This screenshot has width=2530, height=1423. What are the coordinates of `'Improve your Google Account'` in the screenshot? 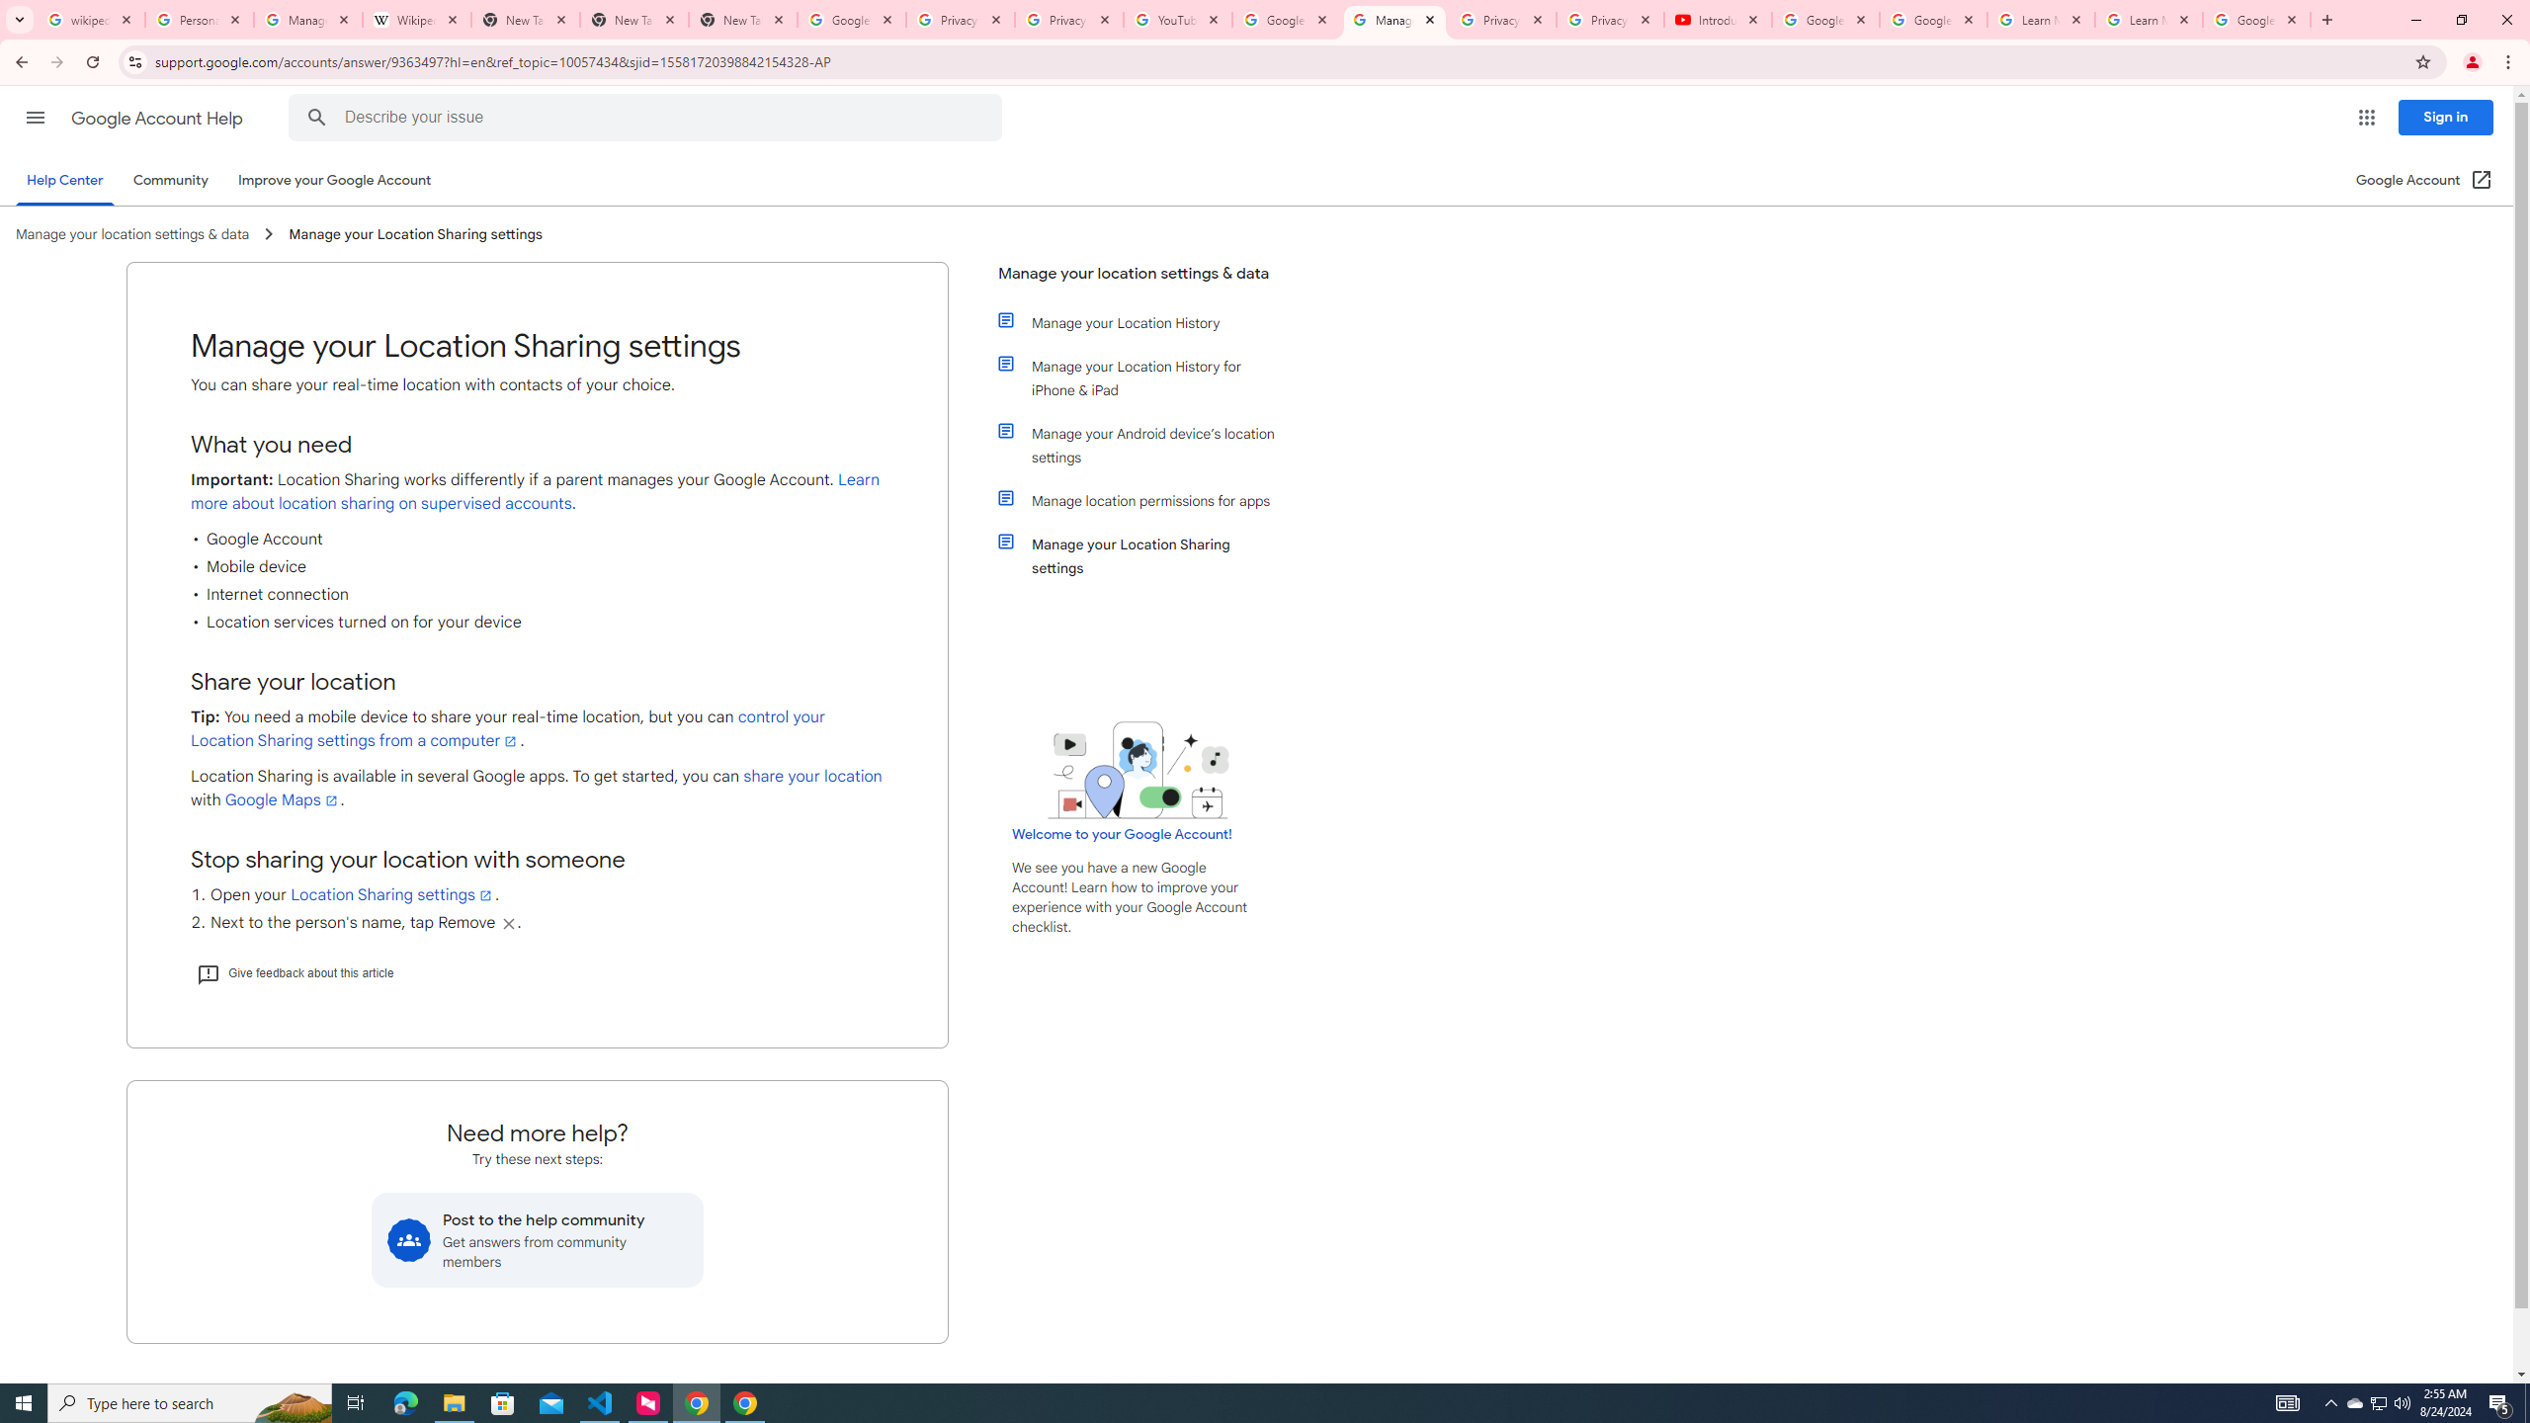 It's located at (334, 179).